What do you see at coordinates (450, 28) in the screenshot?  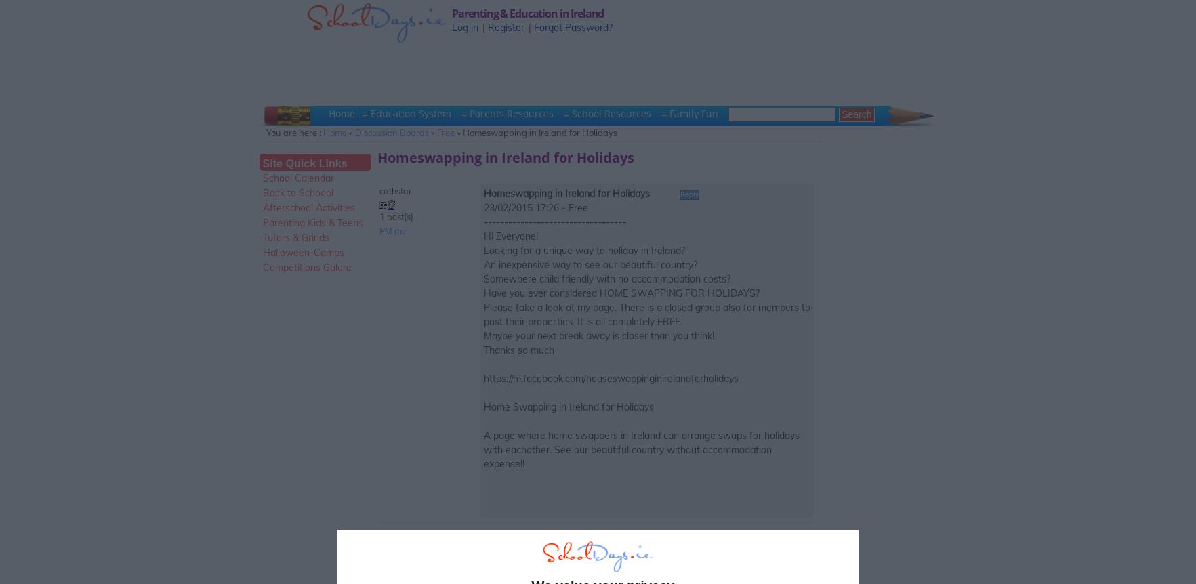 I see `'Log in'` at bounding box center [450, 28].